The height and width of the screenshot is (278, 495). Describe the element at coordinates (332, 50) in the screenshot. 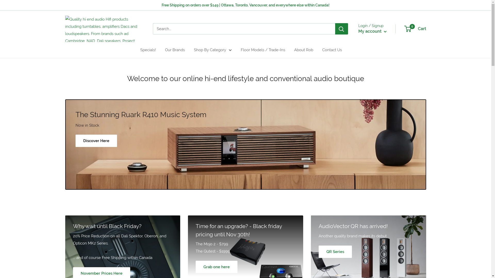

I see `'Contact Us'` at that location.